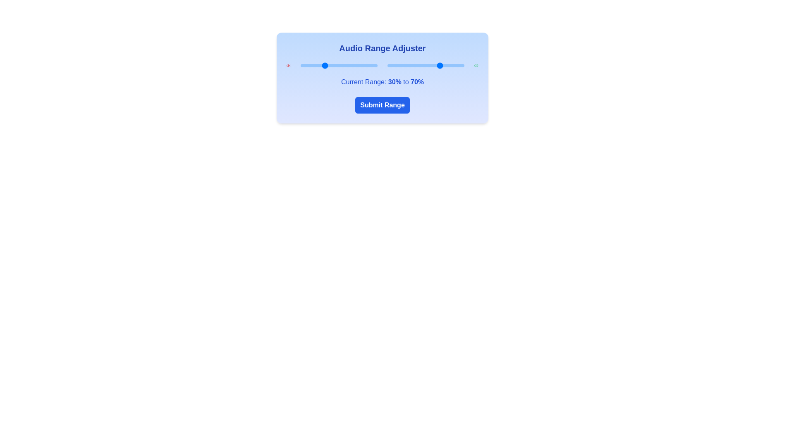 The image size is (794, 446). What do you see at coordinates (347, 65) in the screenshot?
I see `the slider` at bounding box center [347, 65].